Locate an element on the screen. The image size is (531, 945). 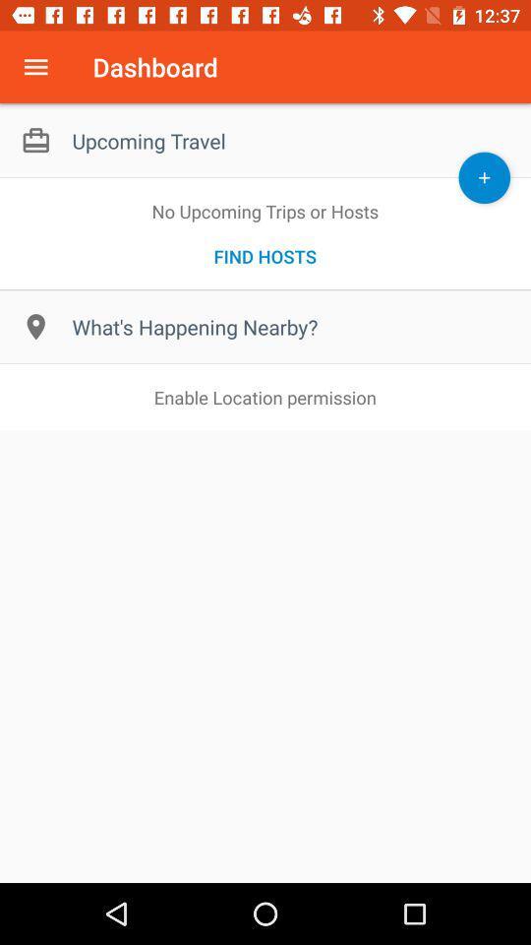
open app menu is located at coordinates (35, 67).